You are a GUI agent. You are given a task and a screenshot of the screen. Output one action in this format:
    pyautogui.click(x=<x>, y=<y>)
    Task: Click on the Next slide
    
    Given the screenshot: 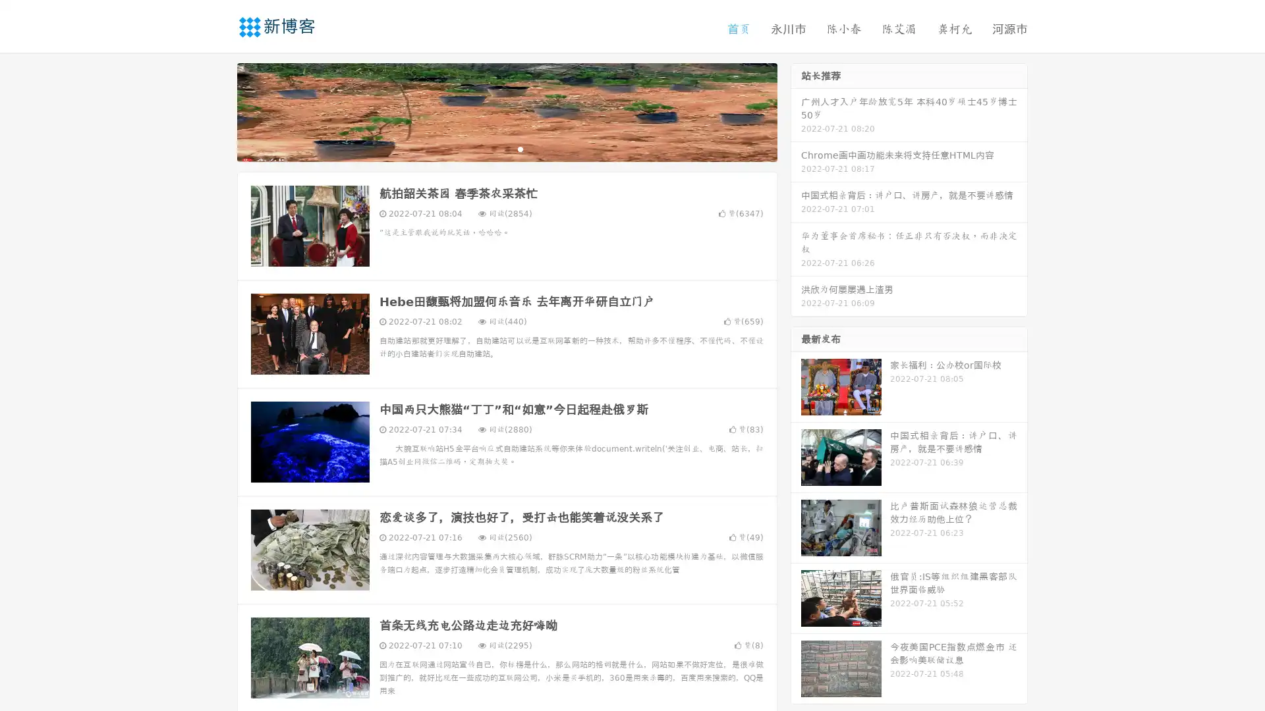 What is the action you would take?
    pyautogui.click(x=796, y=111)
    